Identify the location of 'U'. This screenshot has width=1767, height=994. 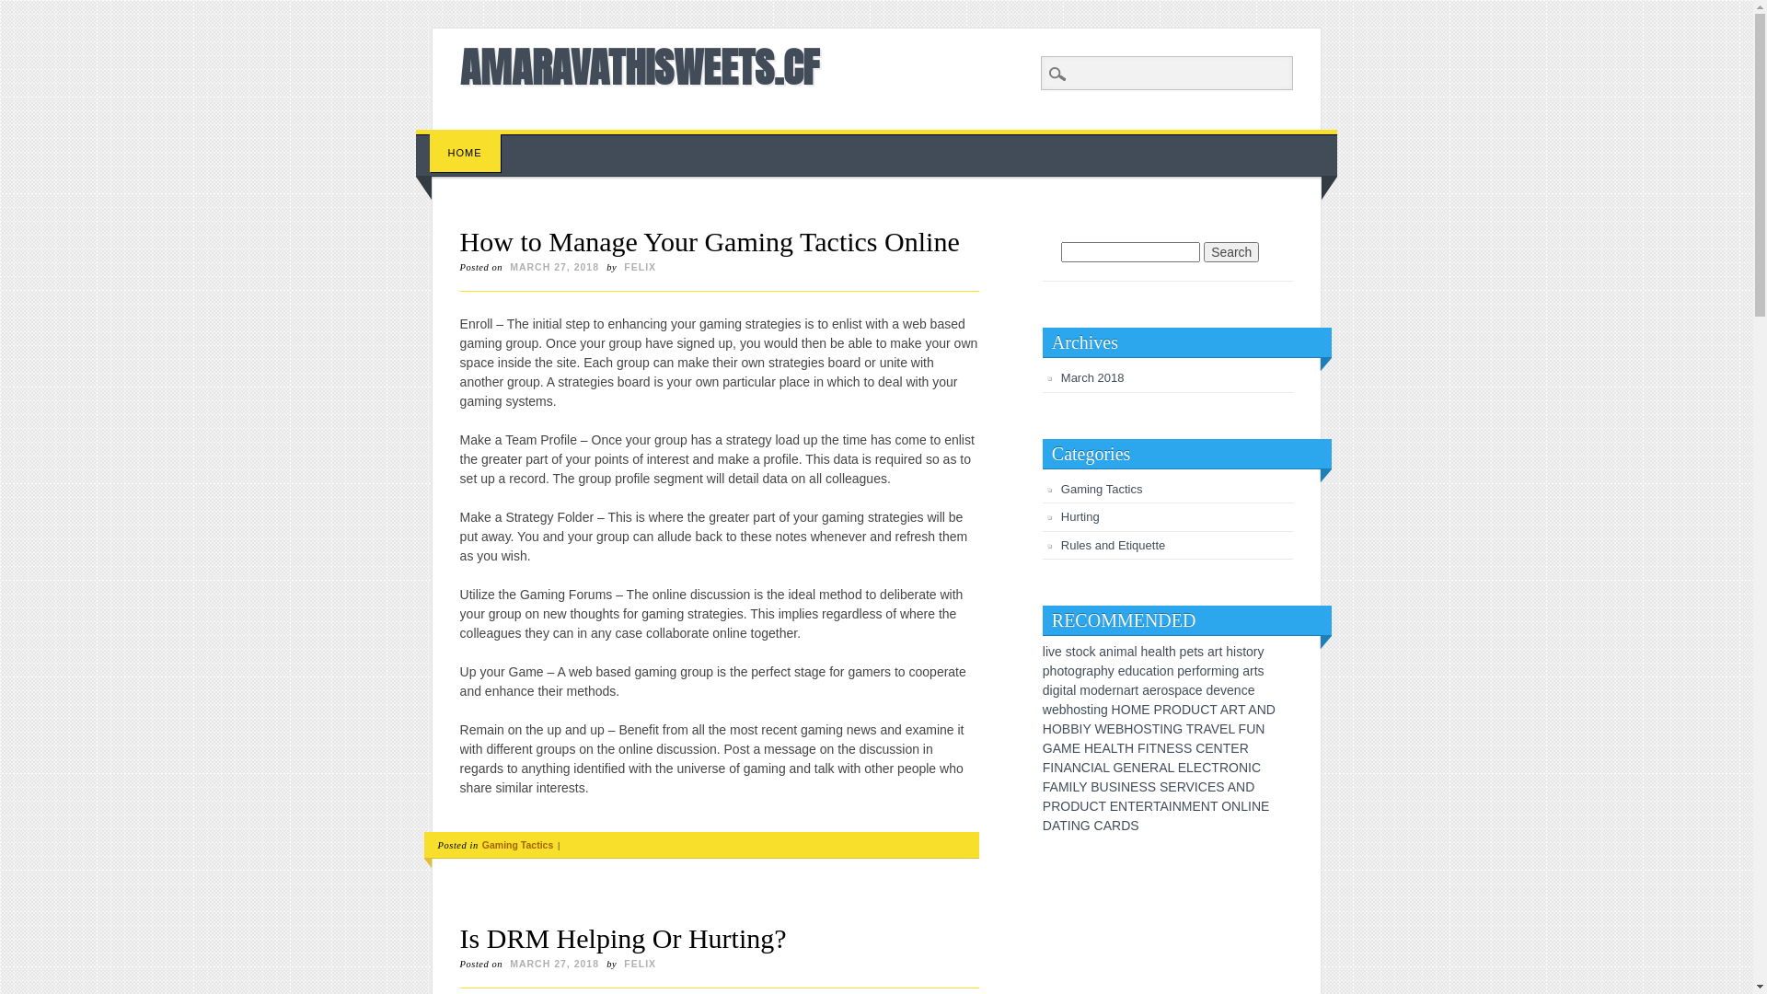
(1083, 804).